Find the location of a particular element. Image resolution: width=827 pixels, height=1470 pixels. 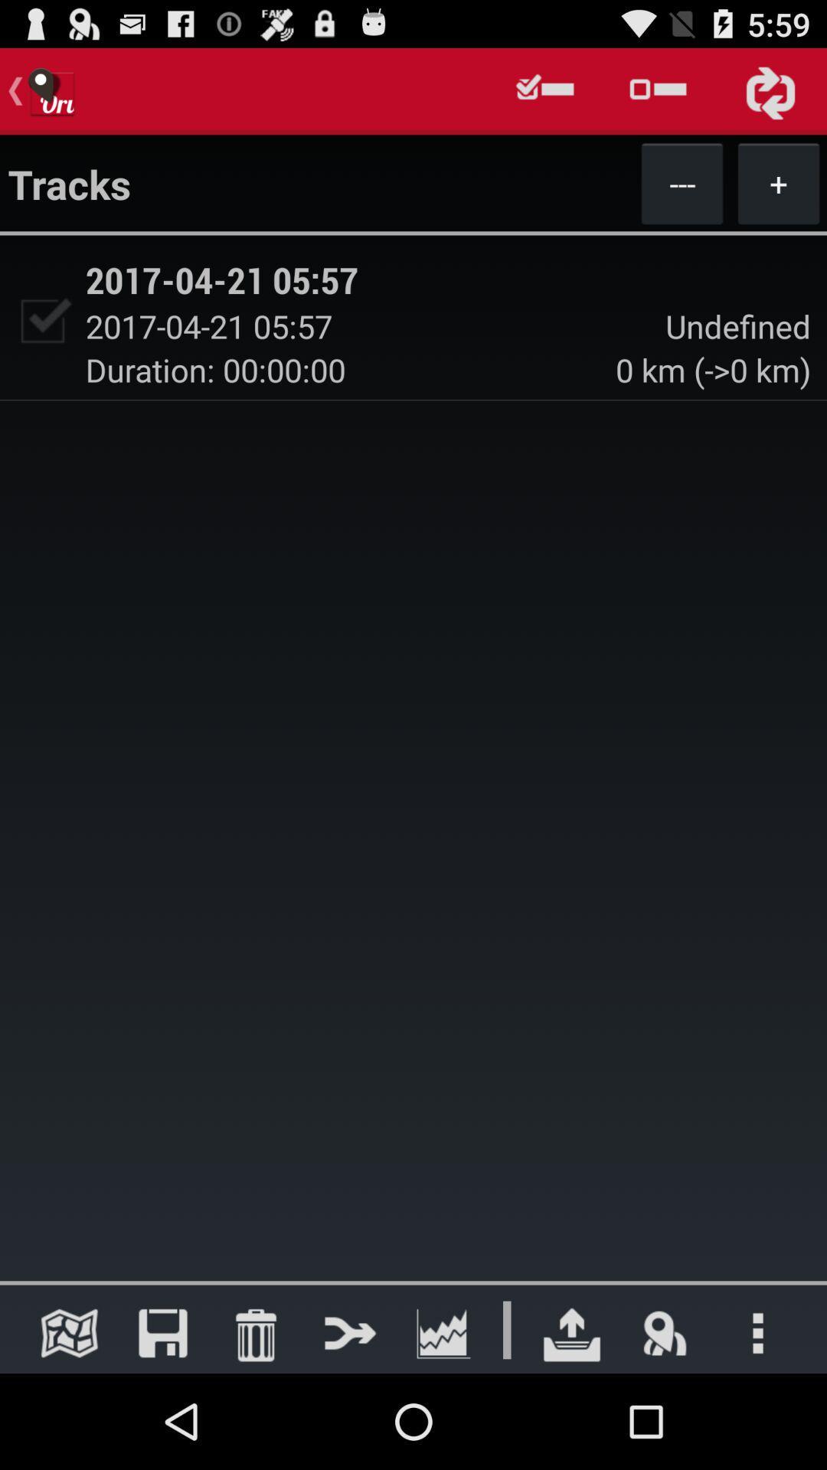

app next to tracks icon is located at coordinates (682, 183).